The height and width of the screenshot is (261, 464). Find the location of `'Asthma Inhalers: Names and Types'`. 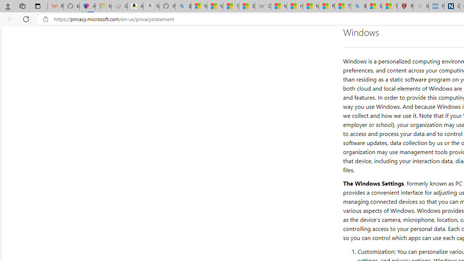

'Asthma Inhalers: Names and Types' is located at coordinates (87, 6).